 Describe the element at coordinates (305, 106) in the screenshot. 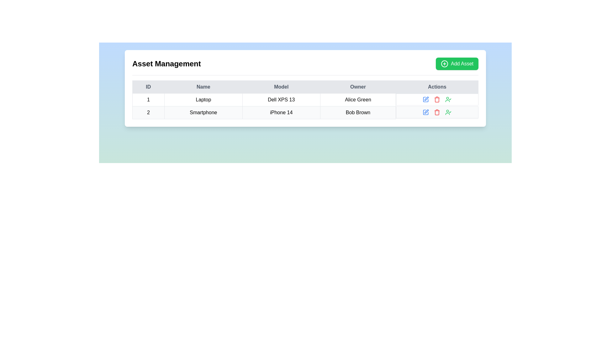

I see `the first data-entry row` at that location.